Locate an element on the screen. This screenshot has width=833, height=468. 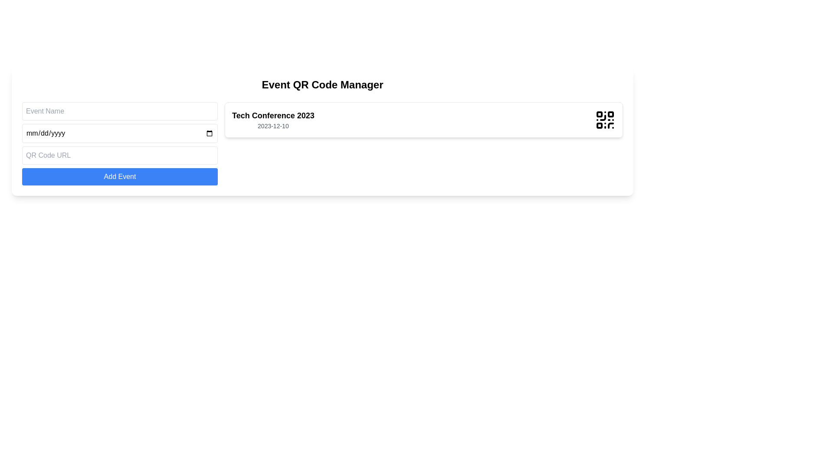
the URL input field located in the middle section of the left panel to focus on it is located at coordinates (119, 155).